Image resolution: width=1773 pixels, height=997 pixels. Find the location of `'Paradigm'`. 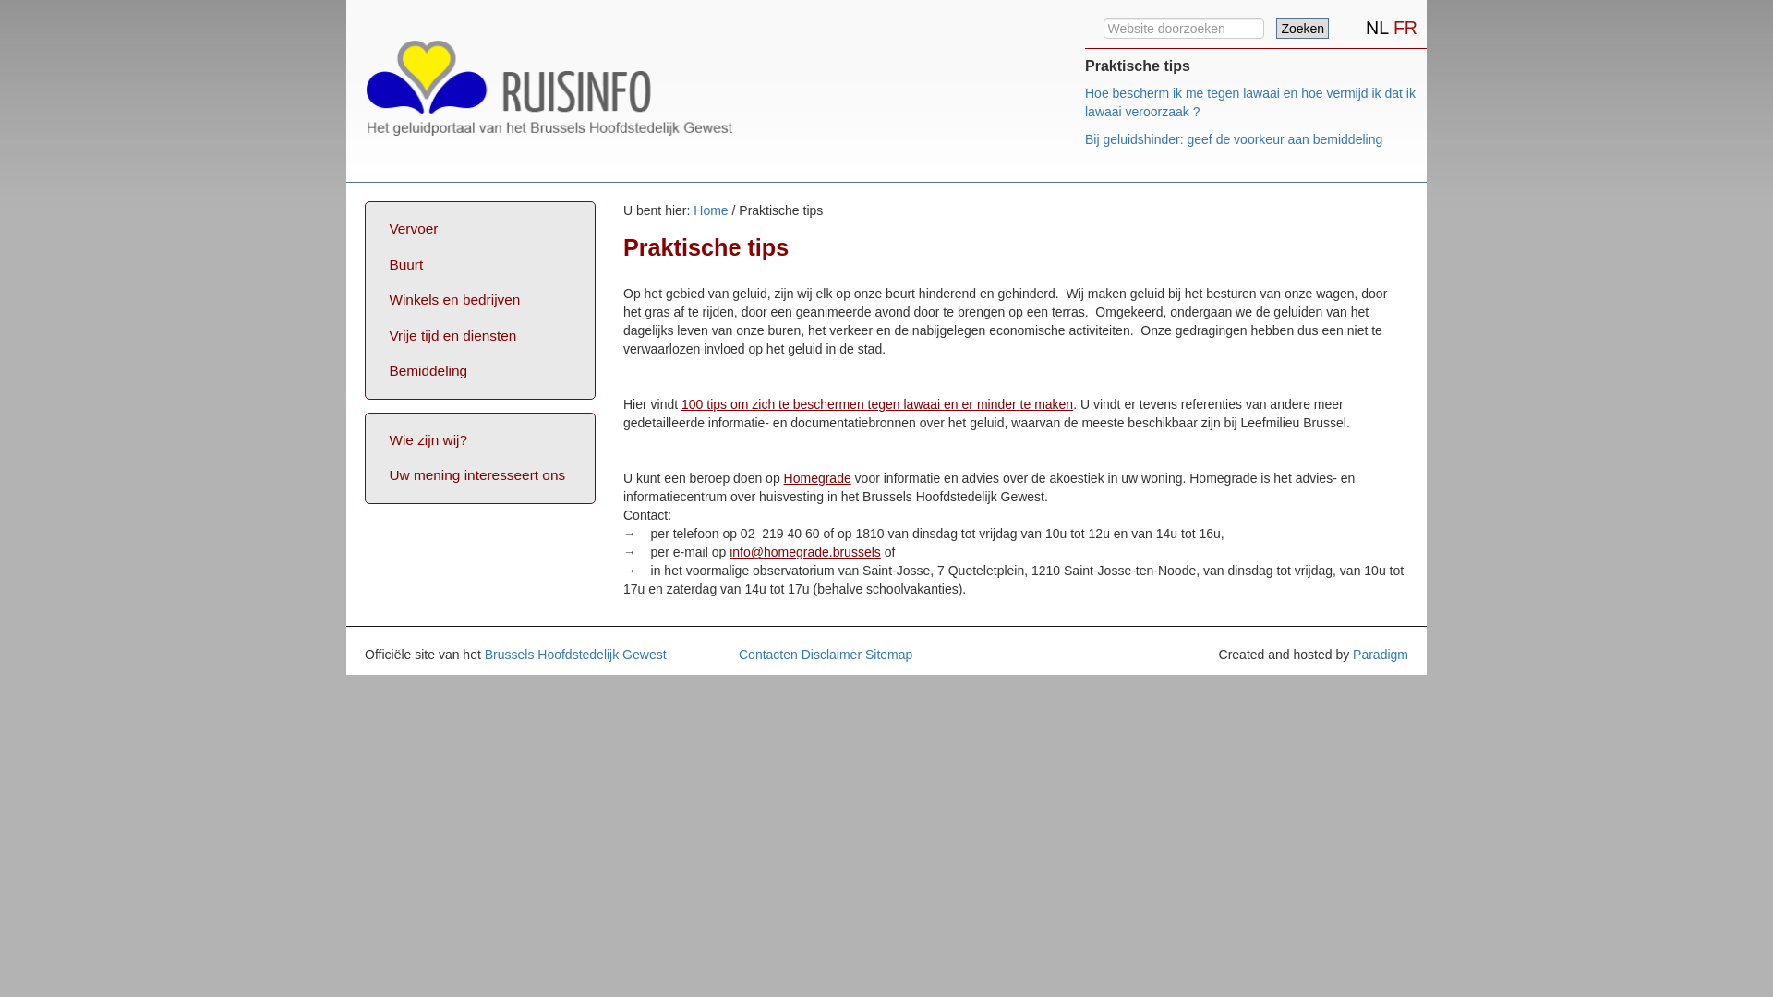

'Paradigm' is located at coordinates (1380, 654).